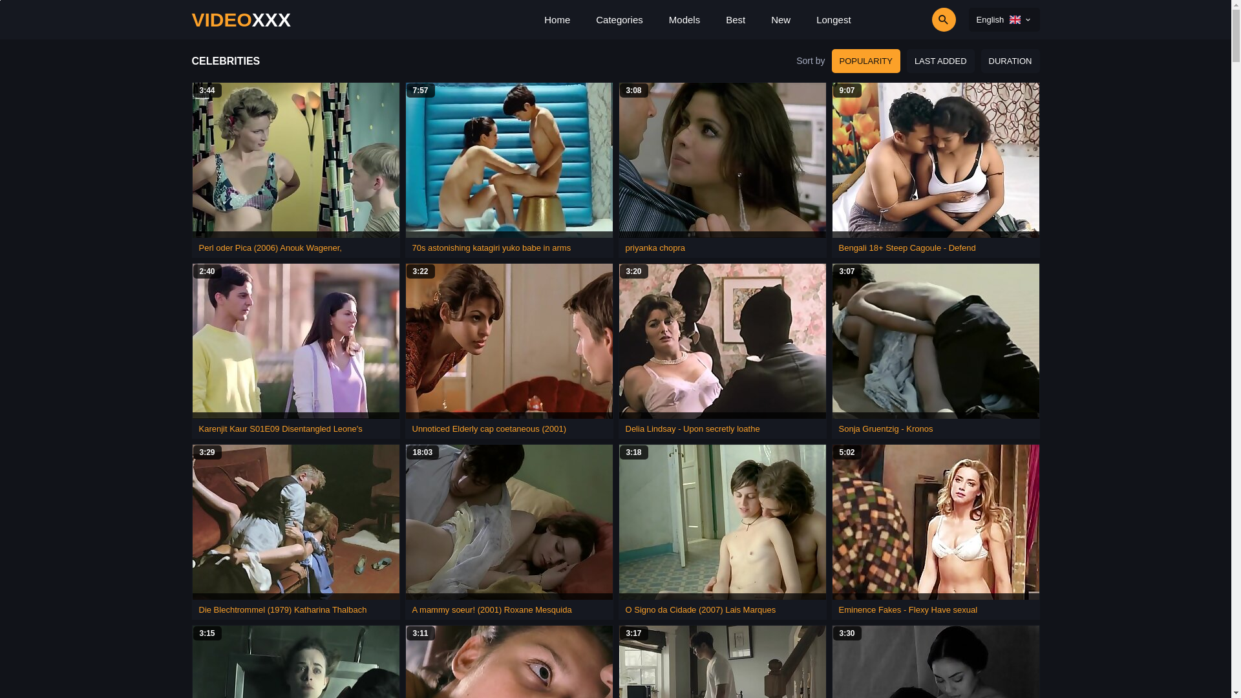  What do you see at coordinates (906, 61) in the screenshot?
I see `'LAST ADDED'` at bounding box center [906, 61].